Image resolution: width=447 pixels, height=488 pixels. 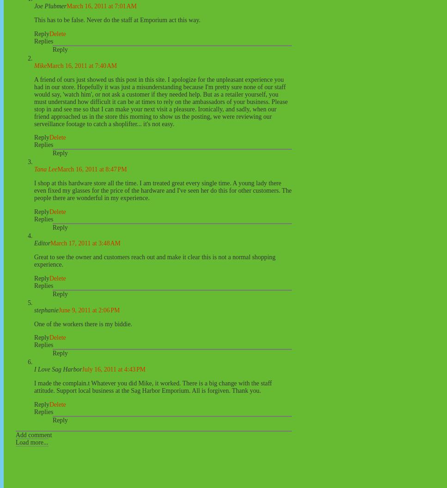 What do you see at coordinates (155, 261) in the screenshot?
I see `'Great to see the owner and customers reach out and make it clear this is not a normal shopping experience.'` at bounding box center [155, 261].